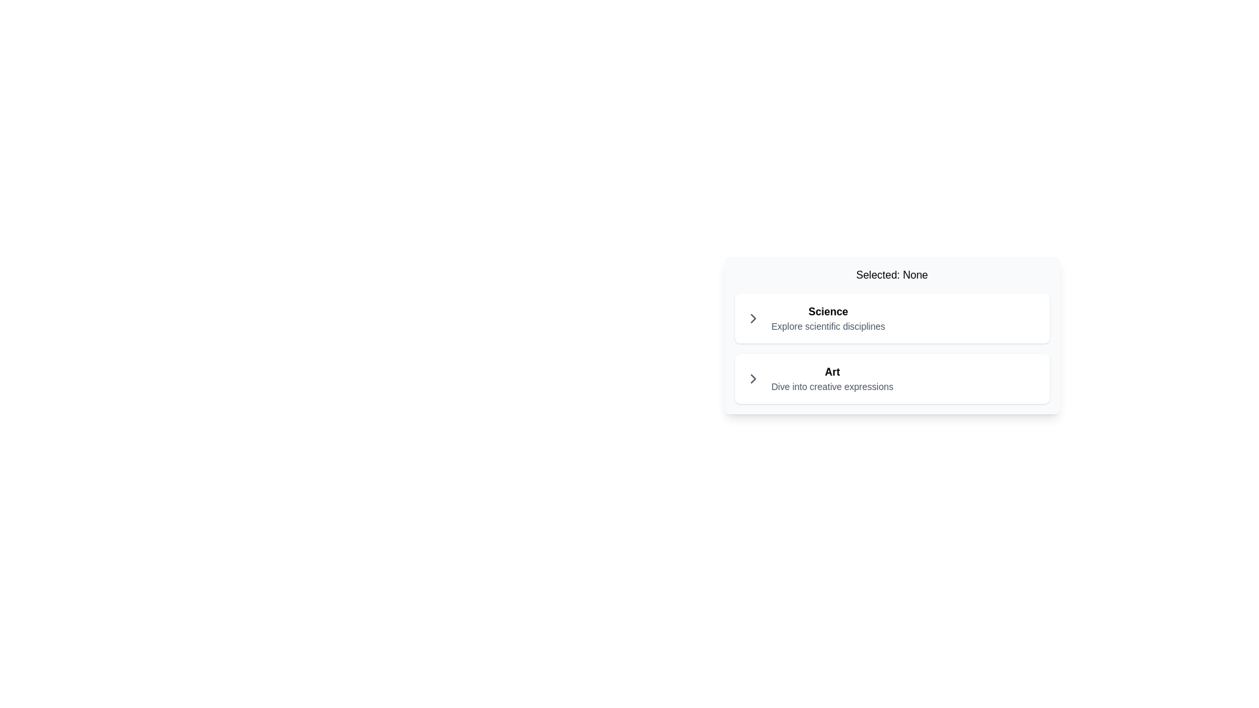 The image size is (1259, 708). I want to click on the right-pointing chevron icon next to the 'Art' category for navigational hint, so click(753, 379).